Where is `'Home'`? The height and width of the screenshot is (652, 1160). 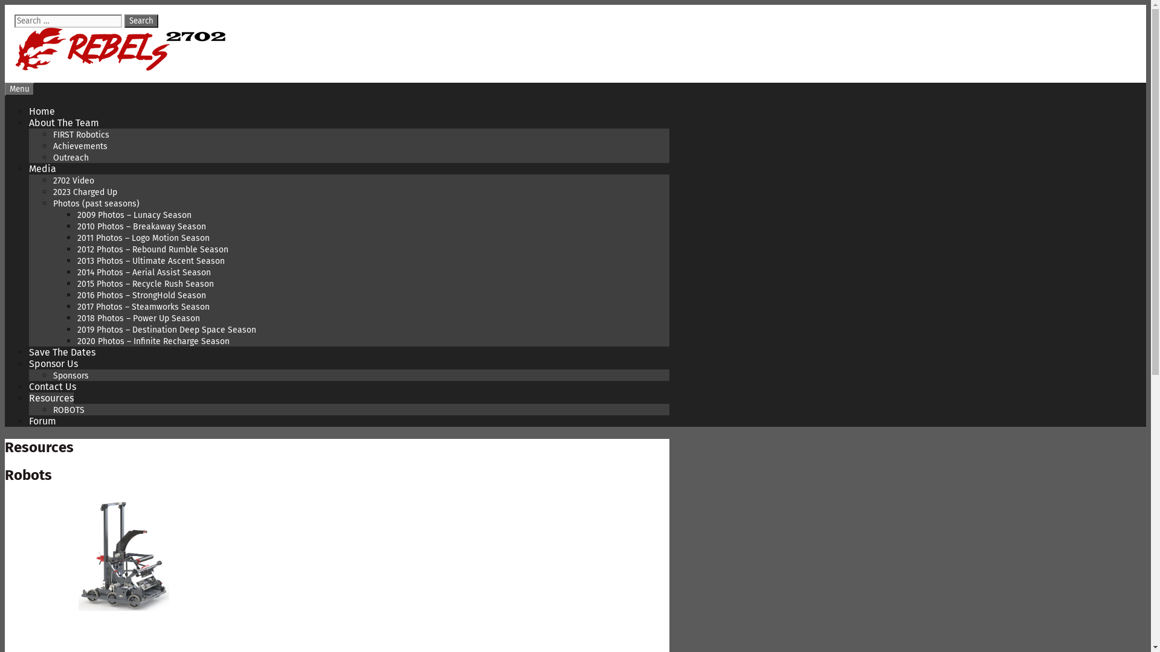 'Home' is located at coordinates (42, 111).